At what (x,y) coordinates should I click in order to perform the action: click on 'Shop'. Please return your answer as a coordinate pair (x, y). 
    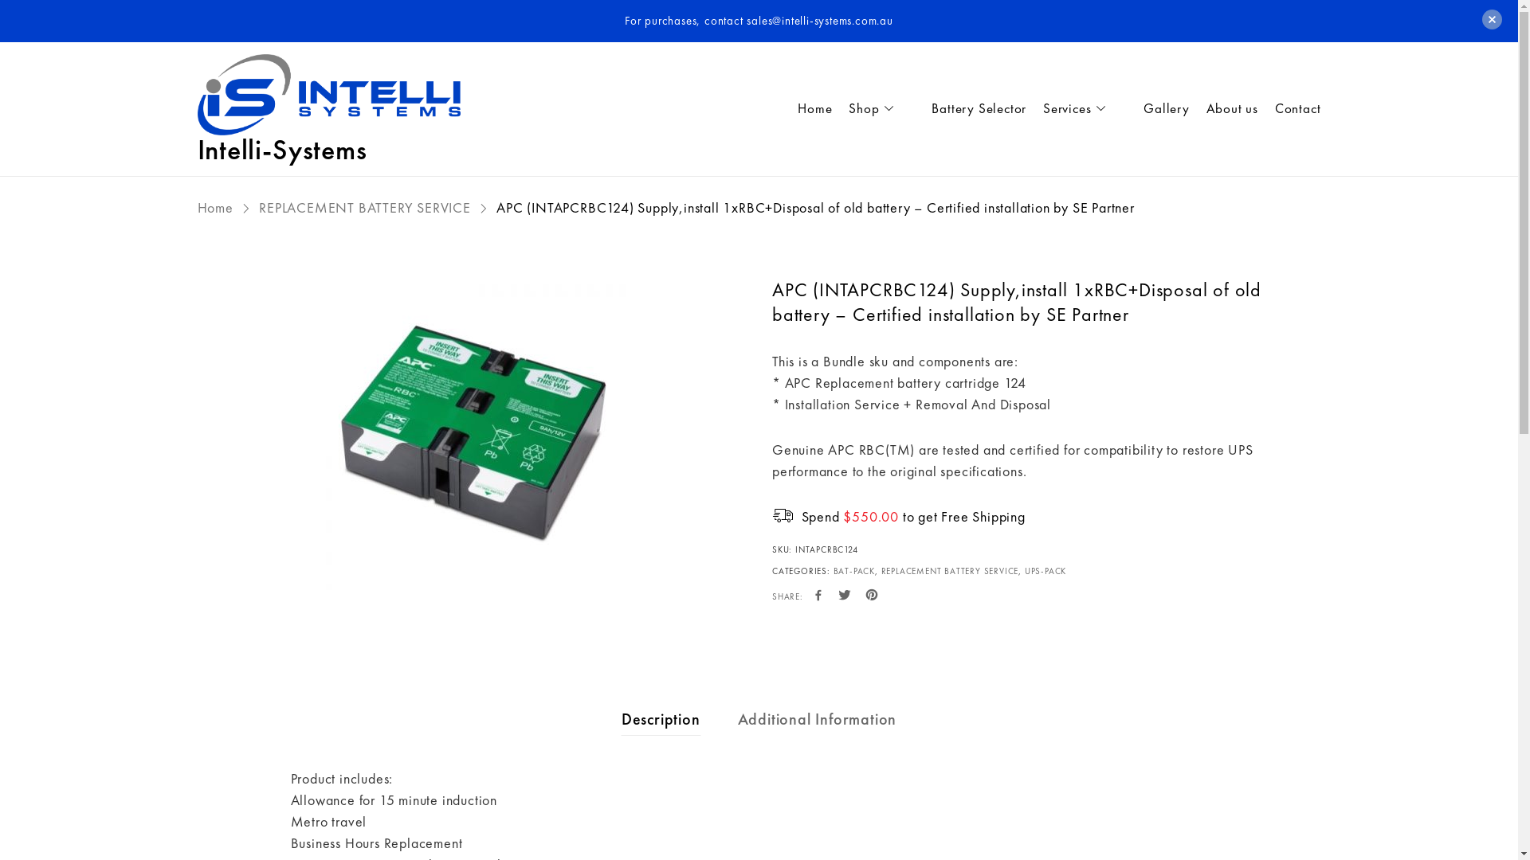
    Looking at the image, I should click on (873, 108).